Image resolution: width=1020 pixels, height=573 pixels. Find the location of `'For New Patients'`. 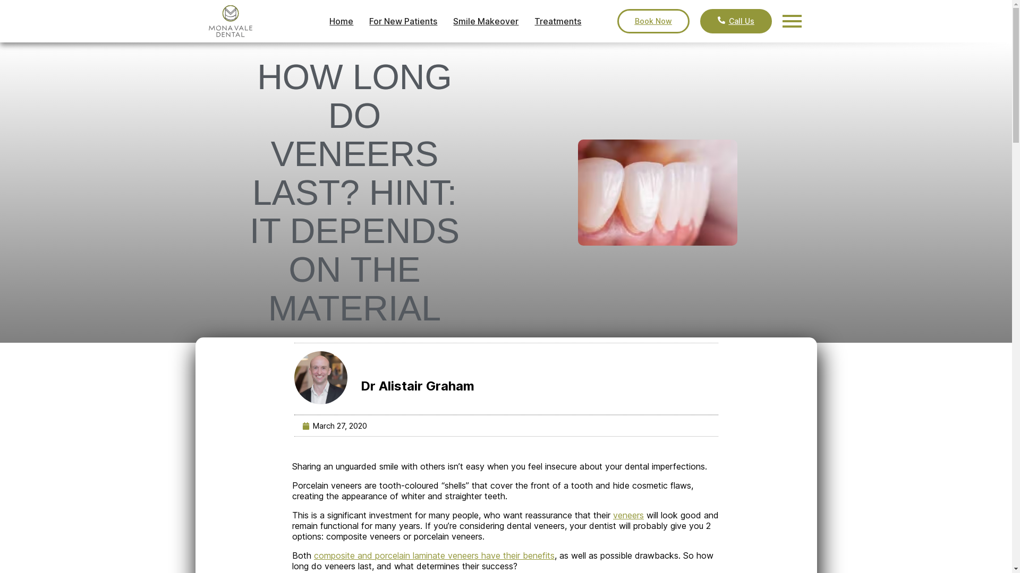

'For New Patients' is located at coordinates (361, 21).